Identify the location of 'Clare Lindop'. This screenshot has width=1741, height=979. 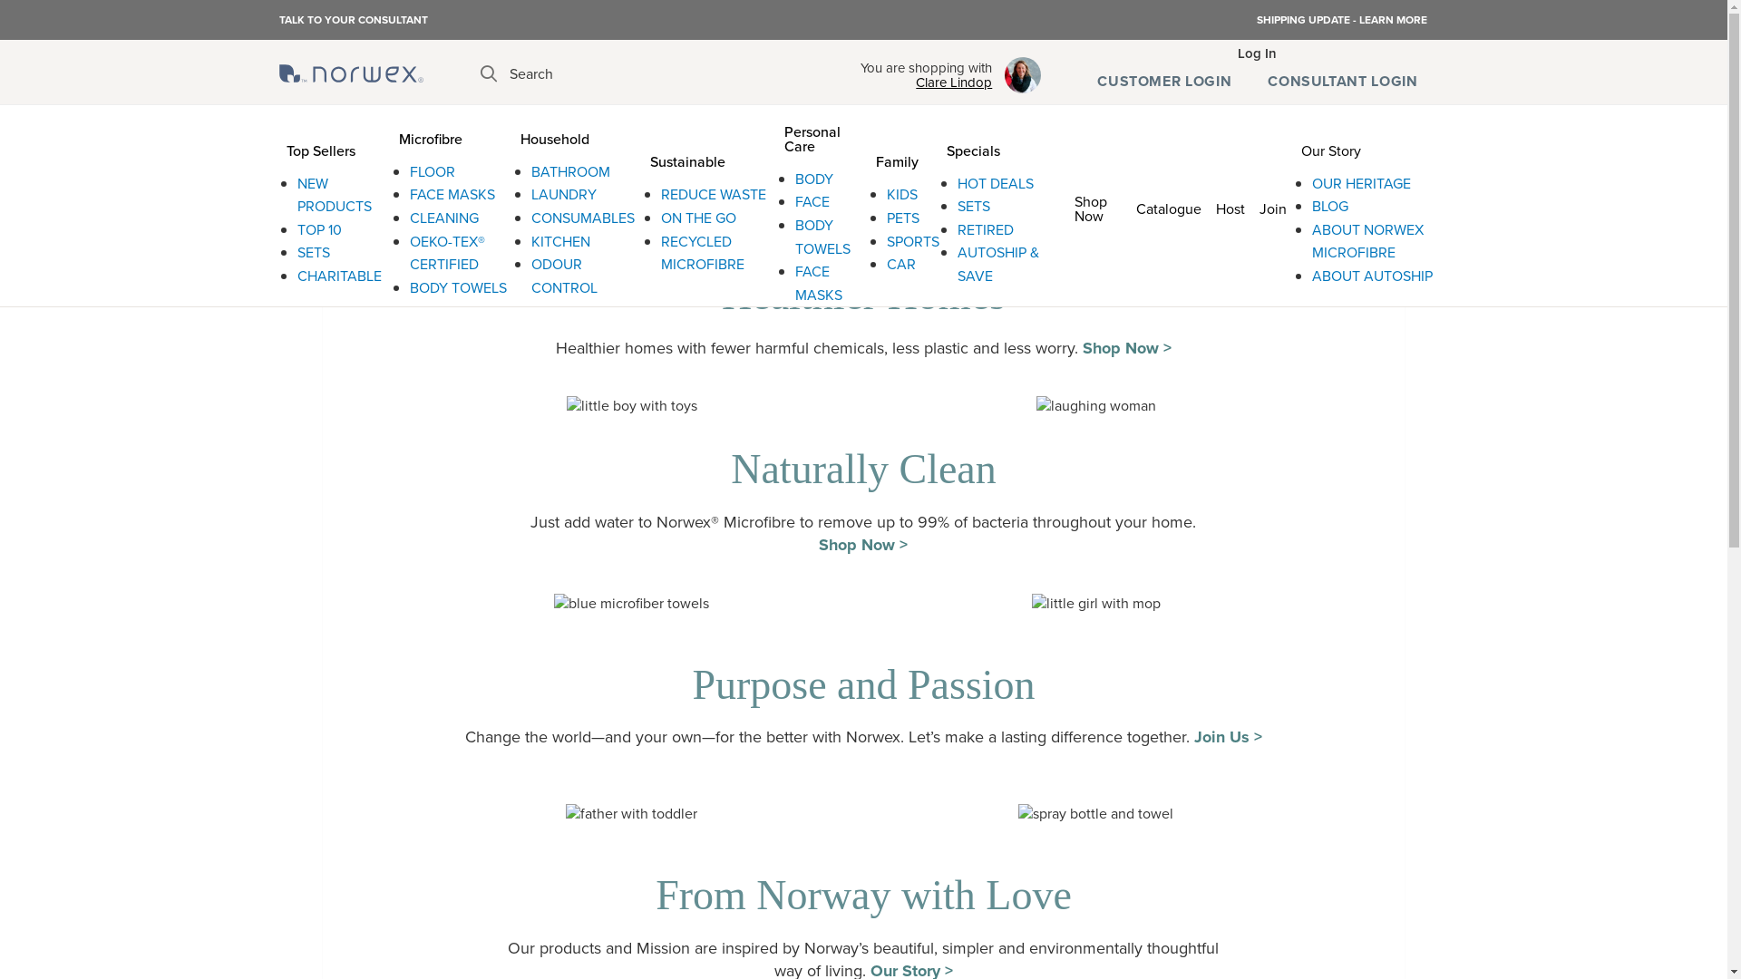
(926, 82).